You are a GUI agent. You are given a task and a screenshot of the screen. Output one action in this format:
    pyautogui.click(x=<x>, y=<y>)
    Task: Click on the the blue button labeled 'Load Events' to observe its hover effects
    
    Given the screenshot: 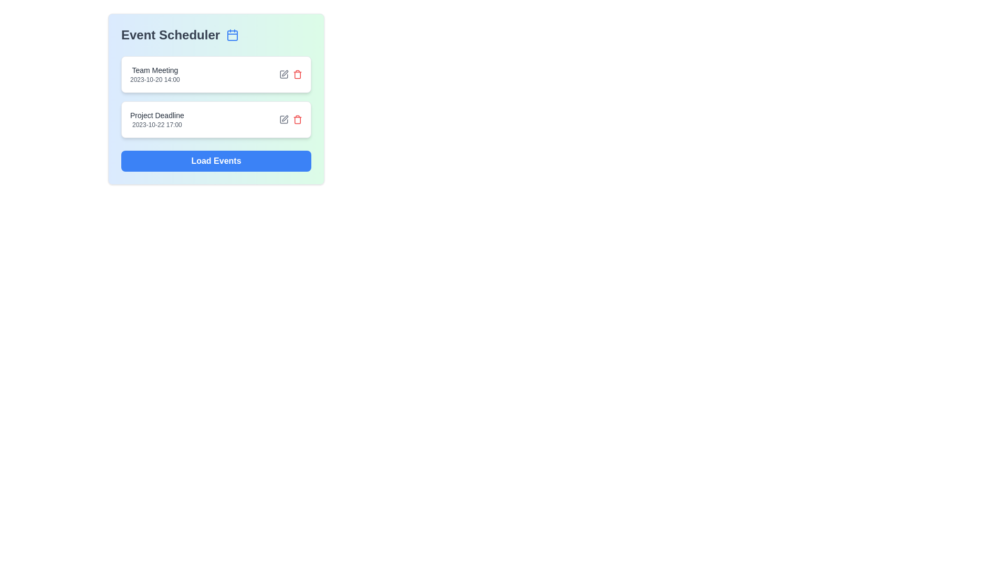 What is the action you would take?
    pyautogui.click(x=216, y=161)
    